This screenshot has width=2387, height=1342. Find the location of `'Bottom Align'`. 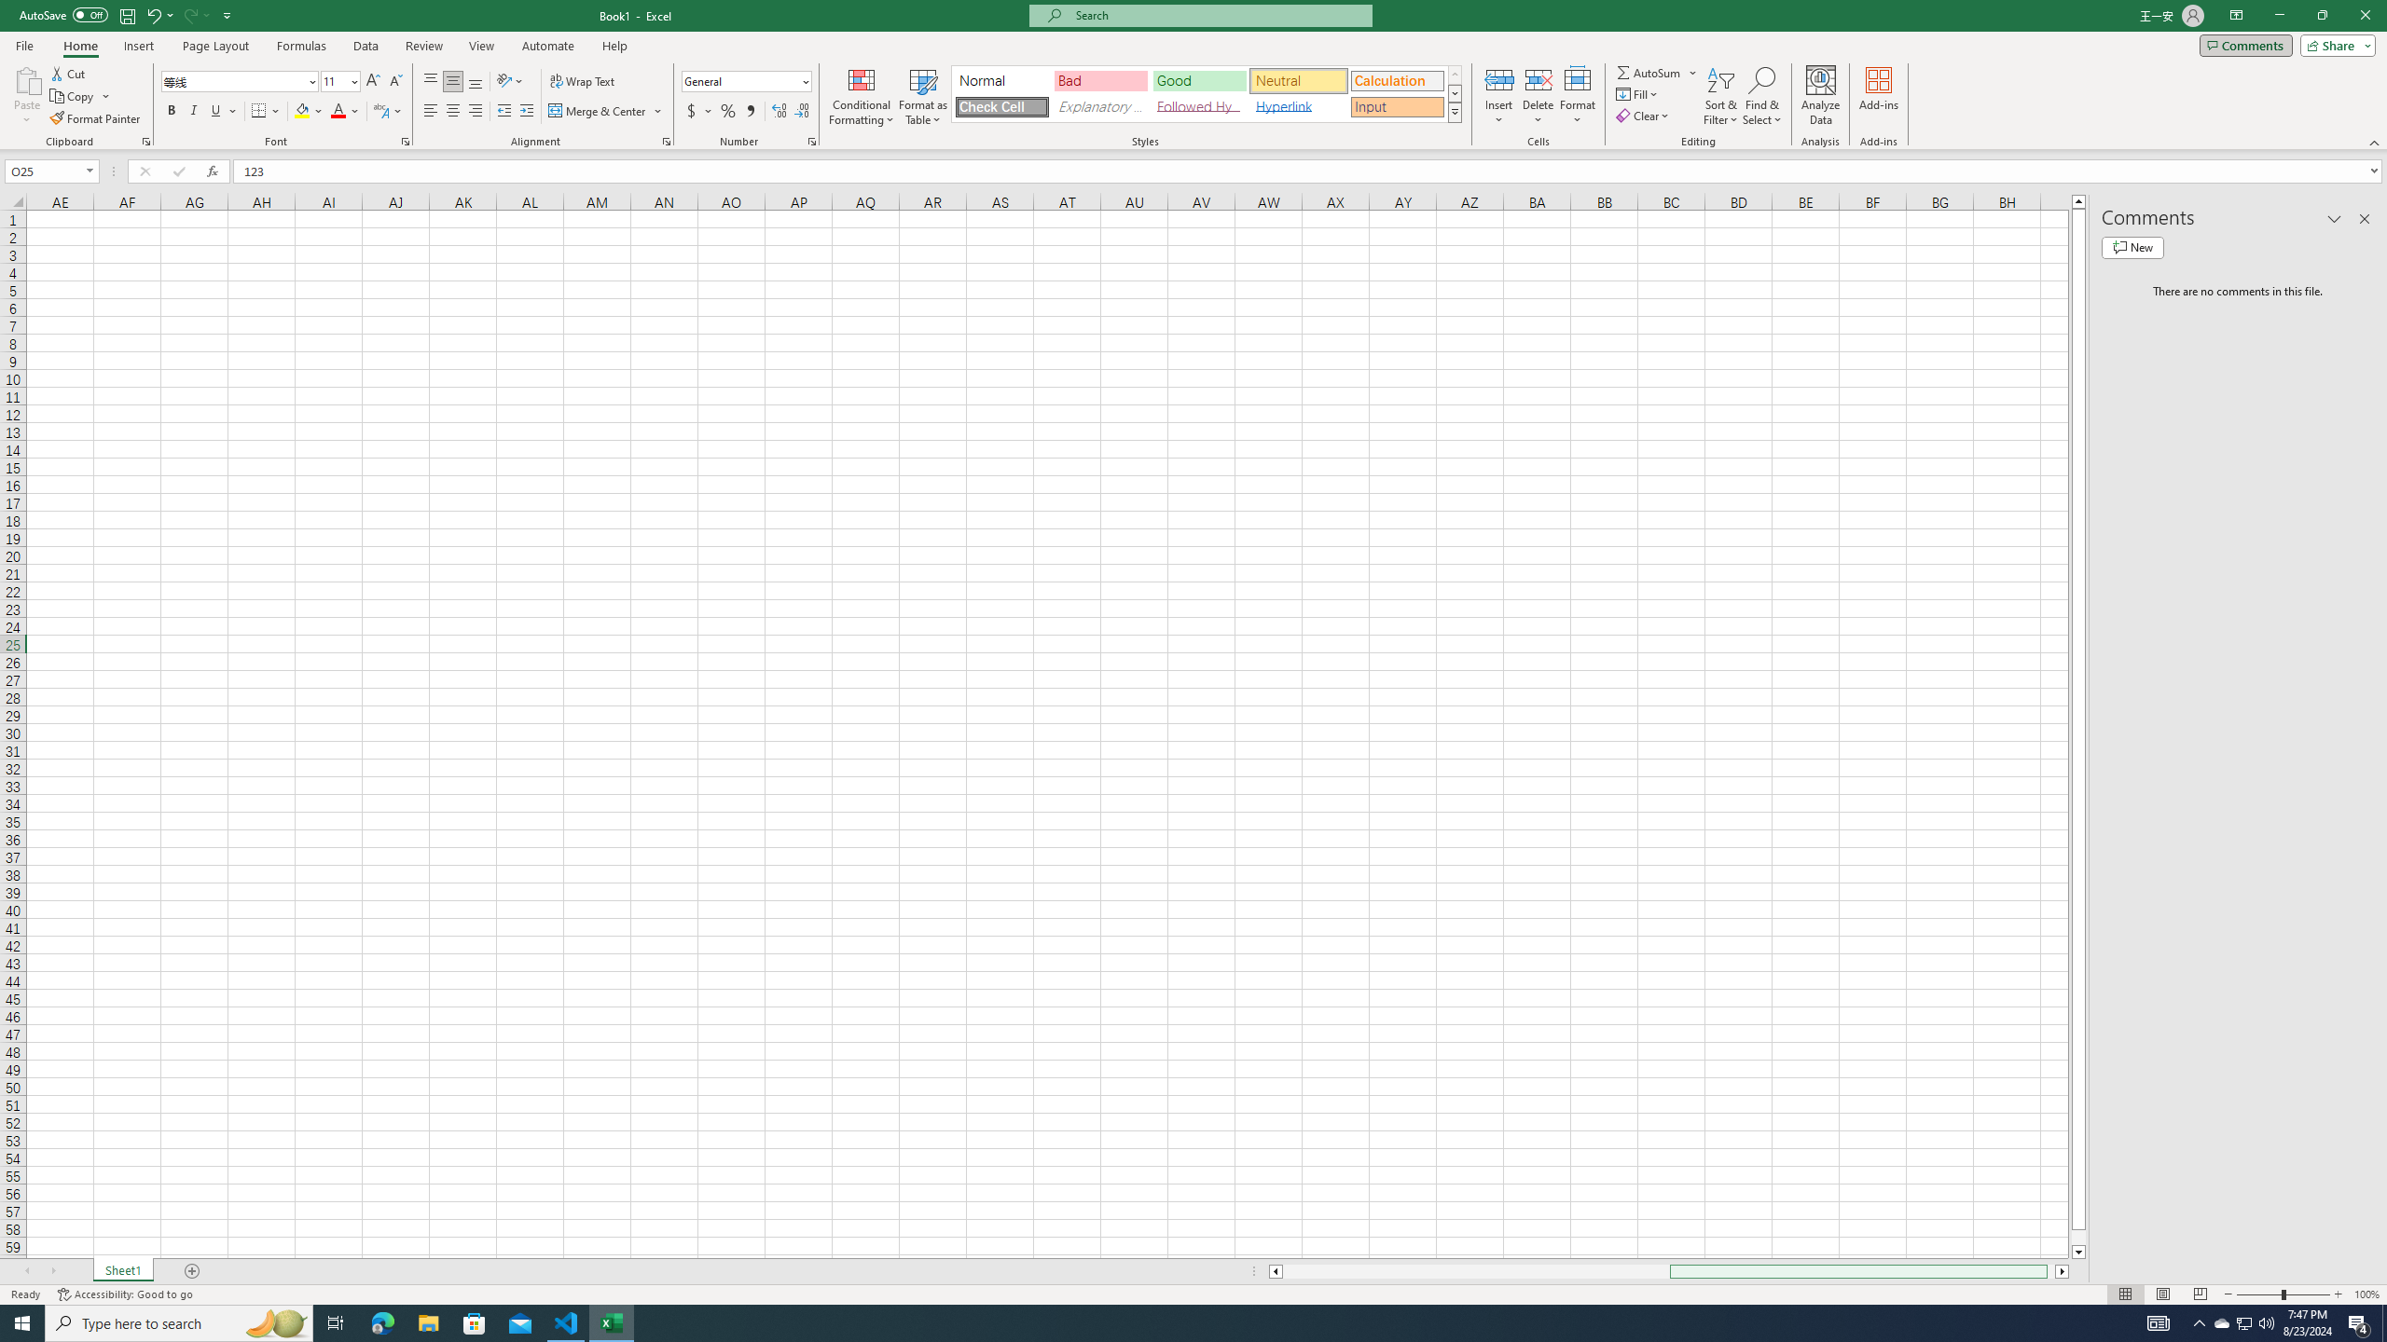

'Bottom Align' is located at coordinates (475, 81).